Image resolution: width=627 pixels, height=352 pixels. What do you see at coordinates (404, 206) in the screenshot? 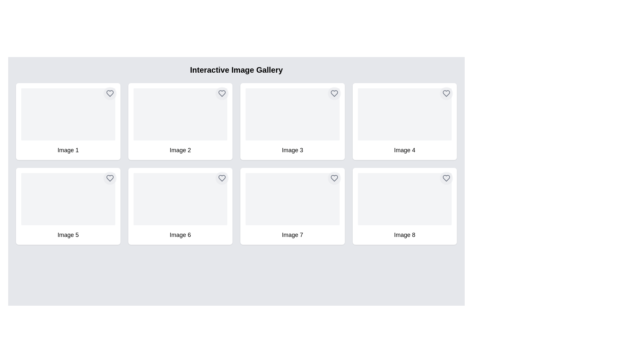
I see `the image card located in the second row, fourth column of the grid layout for keyboard navigation` at bounding box center [404, 206].